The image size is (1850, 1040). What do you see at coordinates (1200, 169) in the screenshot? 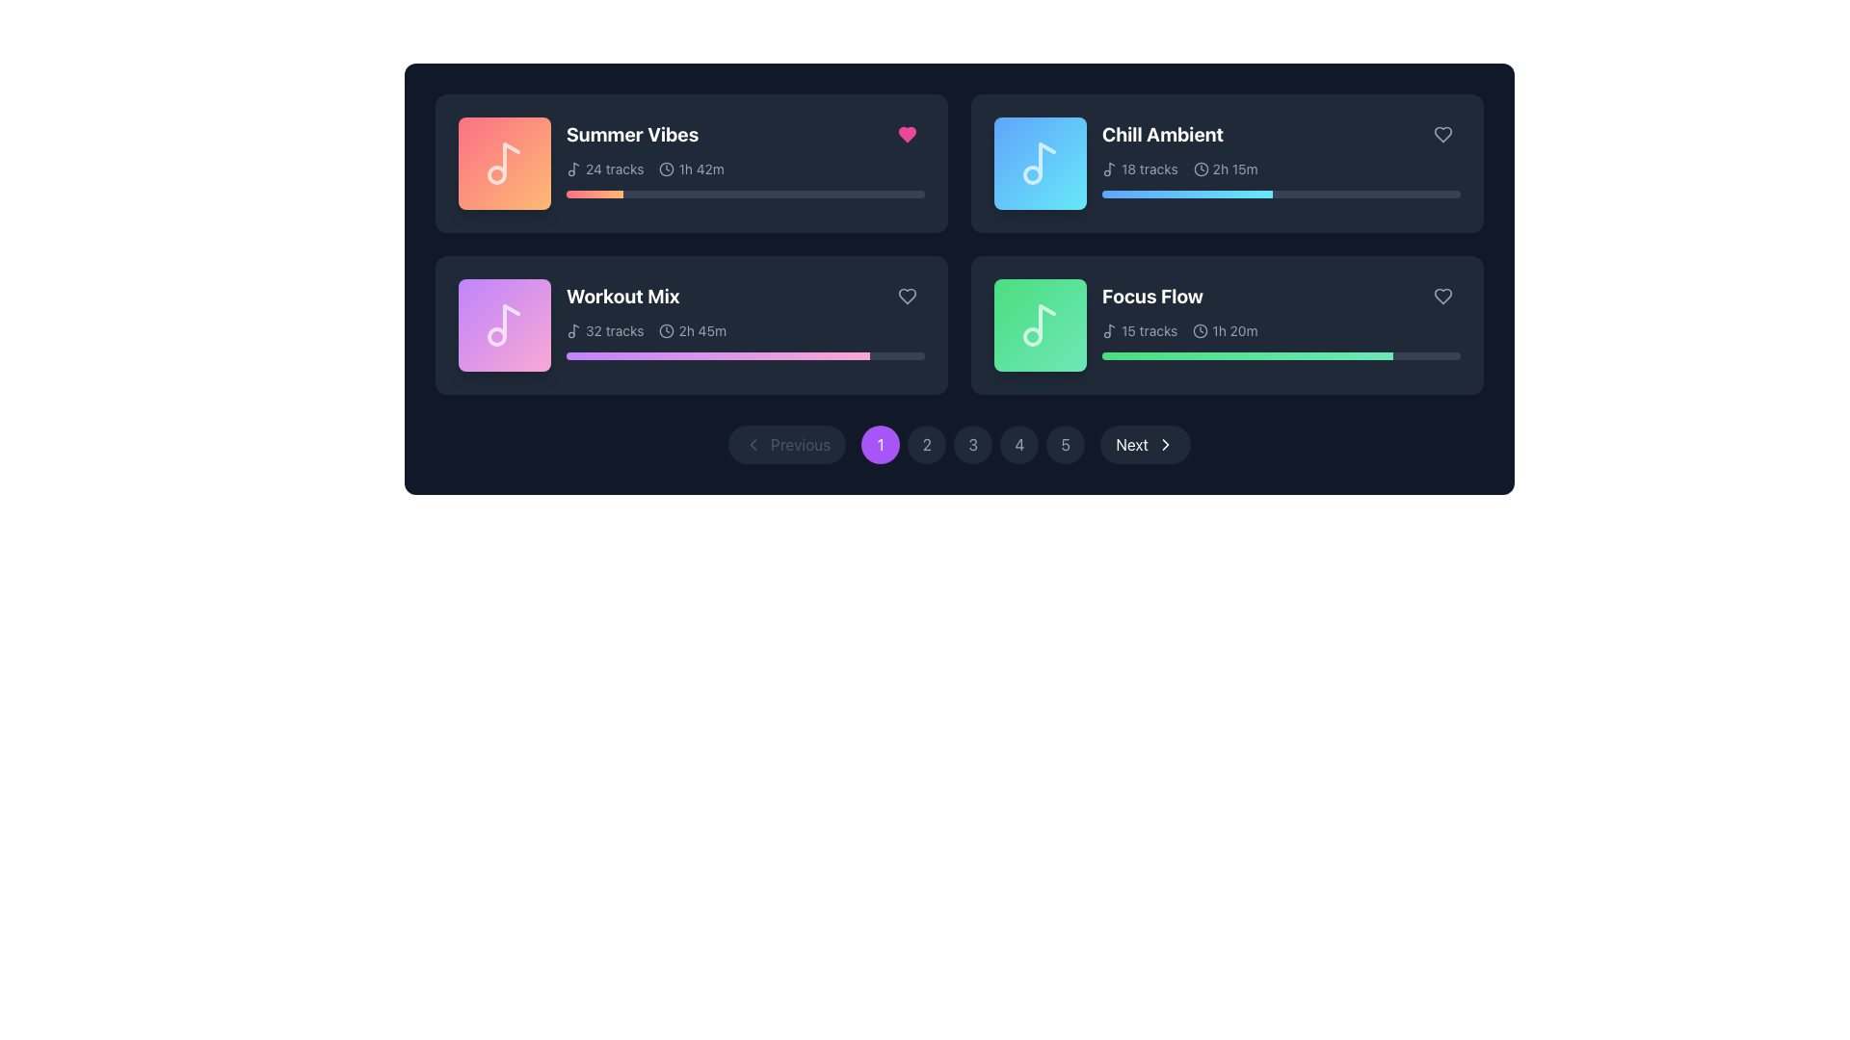
I see `the time icon located in the 'Chill Ambient' card, which visually represents the duration '2h 15m' and is positioned to the left of the text` at bounding box center [1200, 169].